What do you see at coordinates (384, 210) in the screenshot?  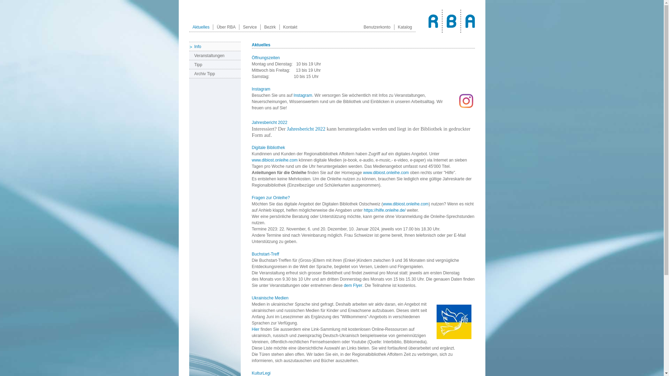 I see `'https://hilfe.onleihe.de/'` at bounding box center [384, 210].